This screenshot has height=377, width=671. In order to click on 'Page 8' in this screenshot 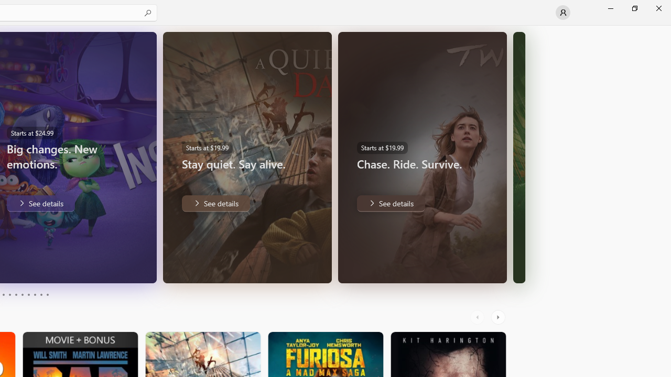, I will do `click(34, 295)`.